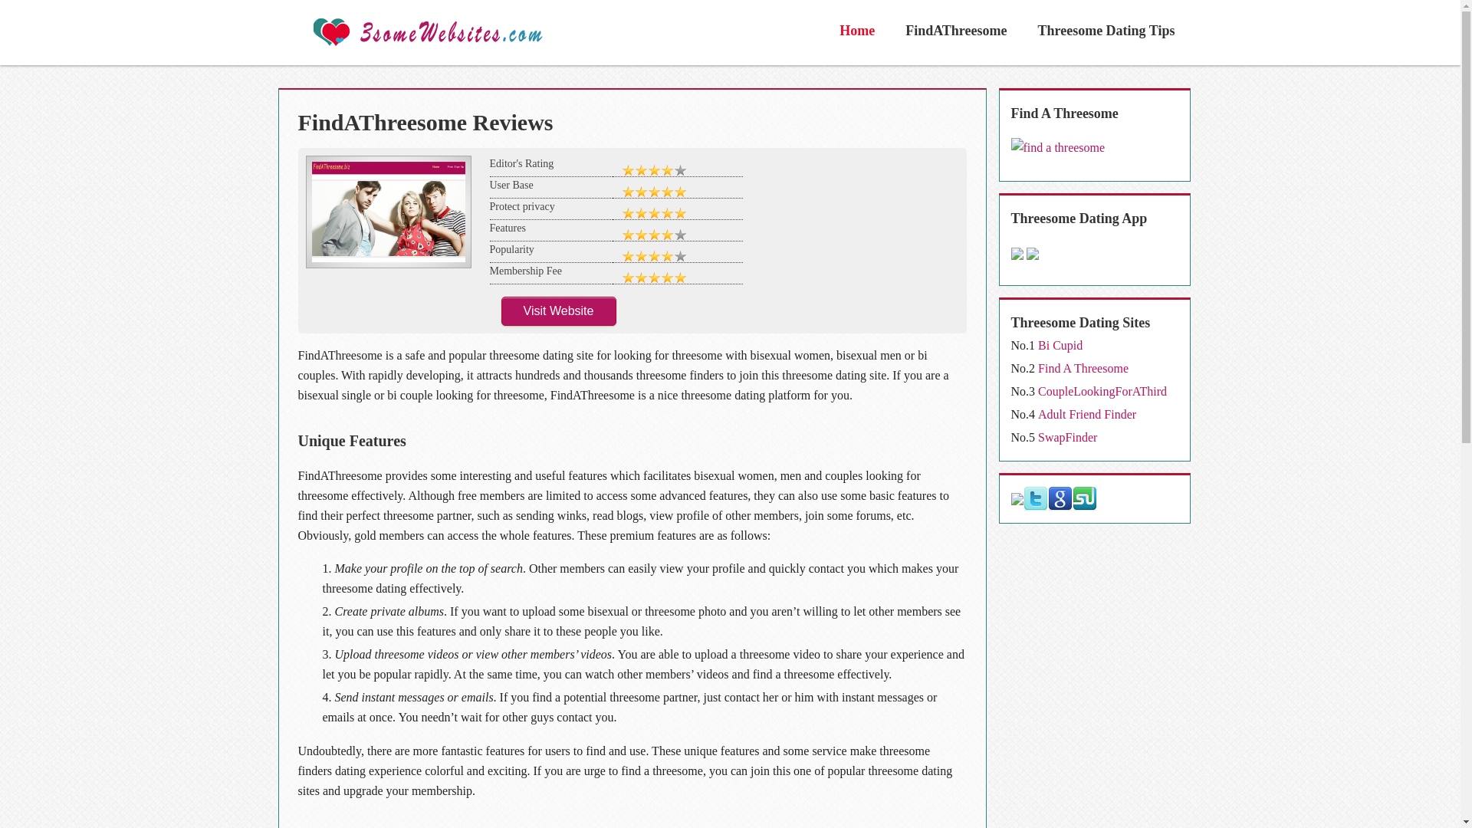  Describe the element at coordinates (558, 310) in the screenshot. I see `'Visit Website'` at that location.